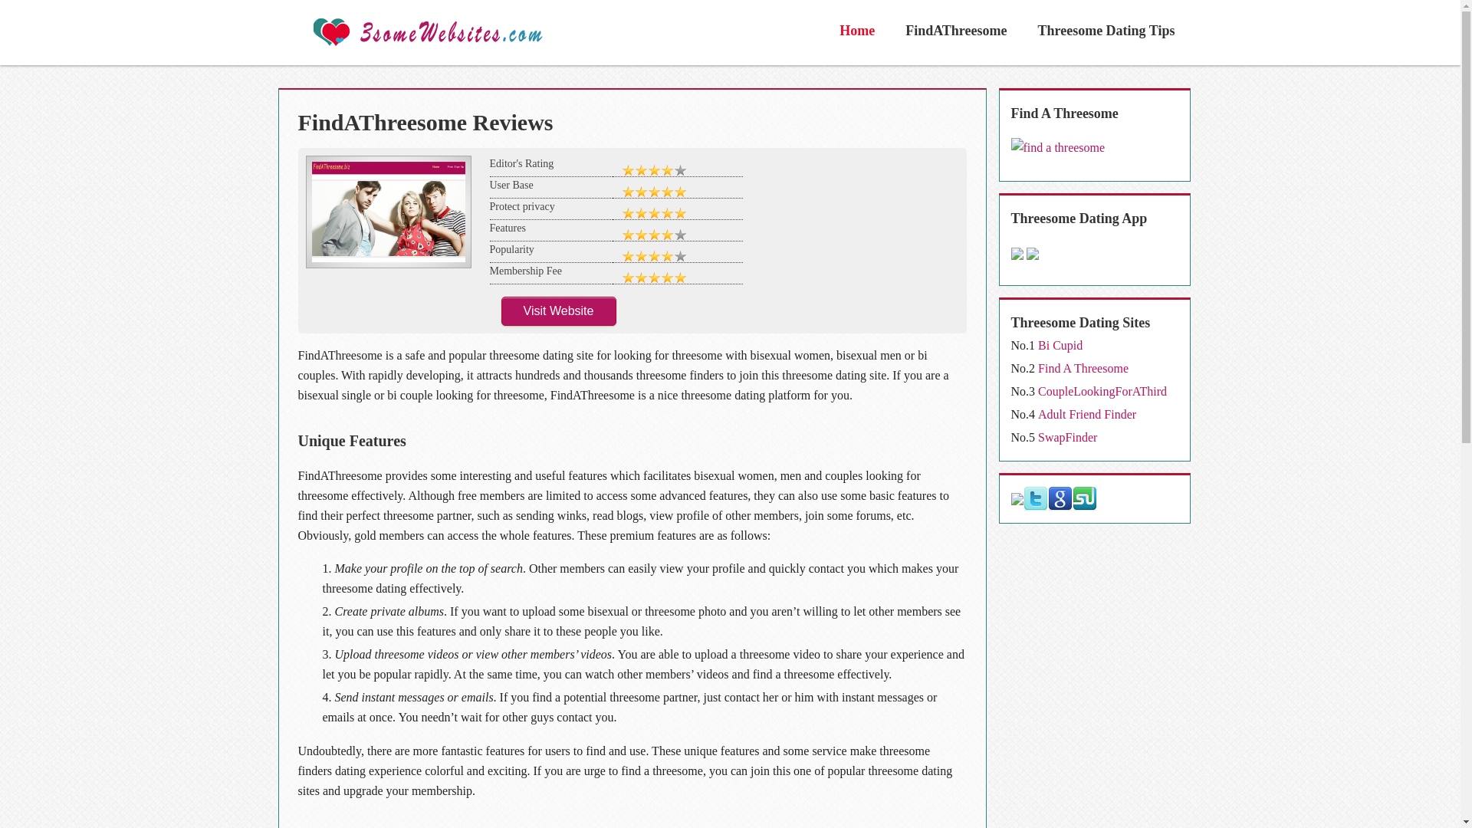  Describe the element at coordinates (558, 310) in the screenshot. I see `'Visit Website'` at that location.